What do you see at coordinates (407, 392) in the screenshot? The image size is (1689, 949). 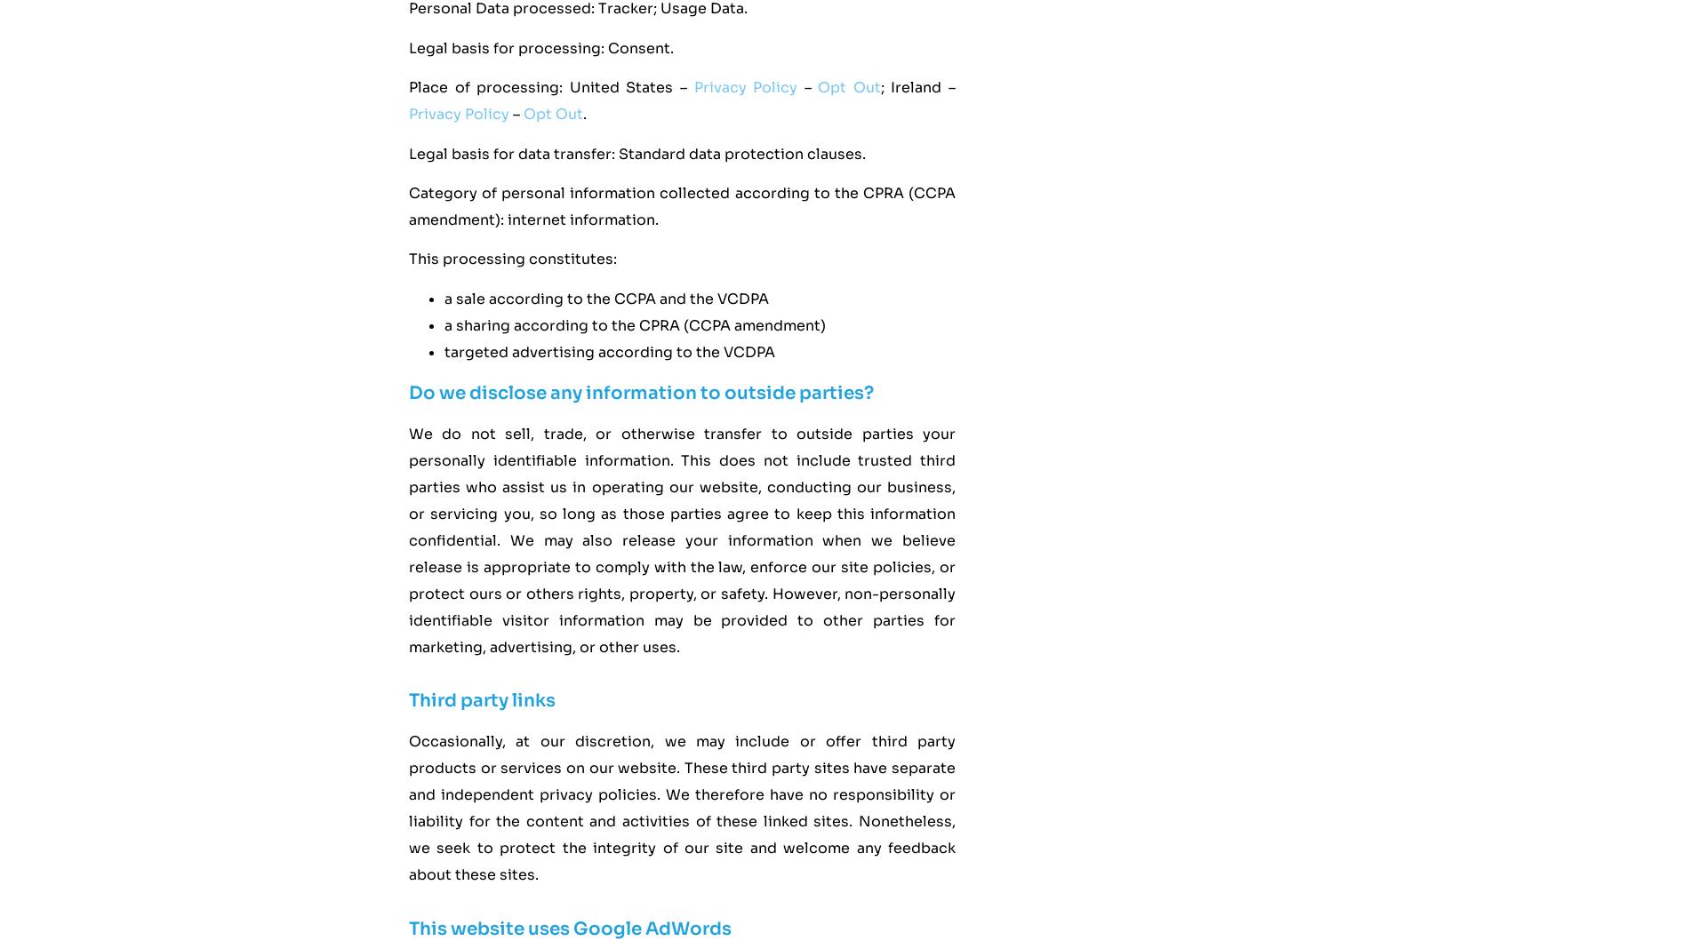 I see `'Do we disclose any information to outside parties?'` at bounding box center [407, 392].